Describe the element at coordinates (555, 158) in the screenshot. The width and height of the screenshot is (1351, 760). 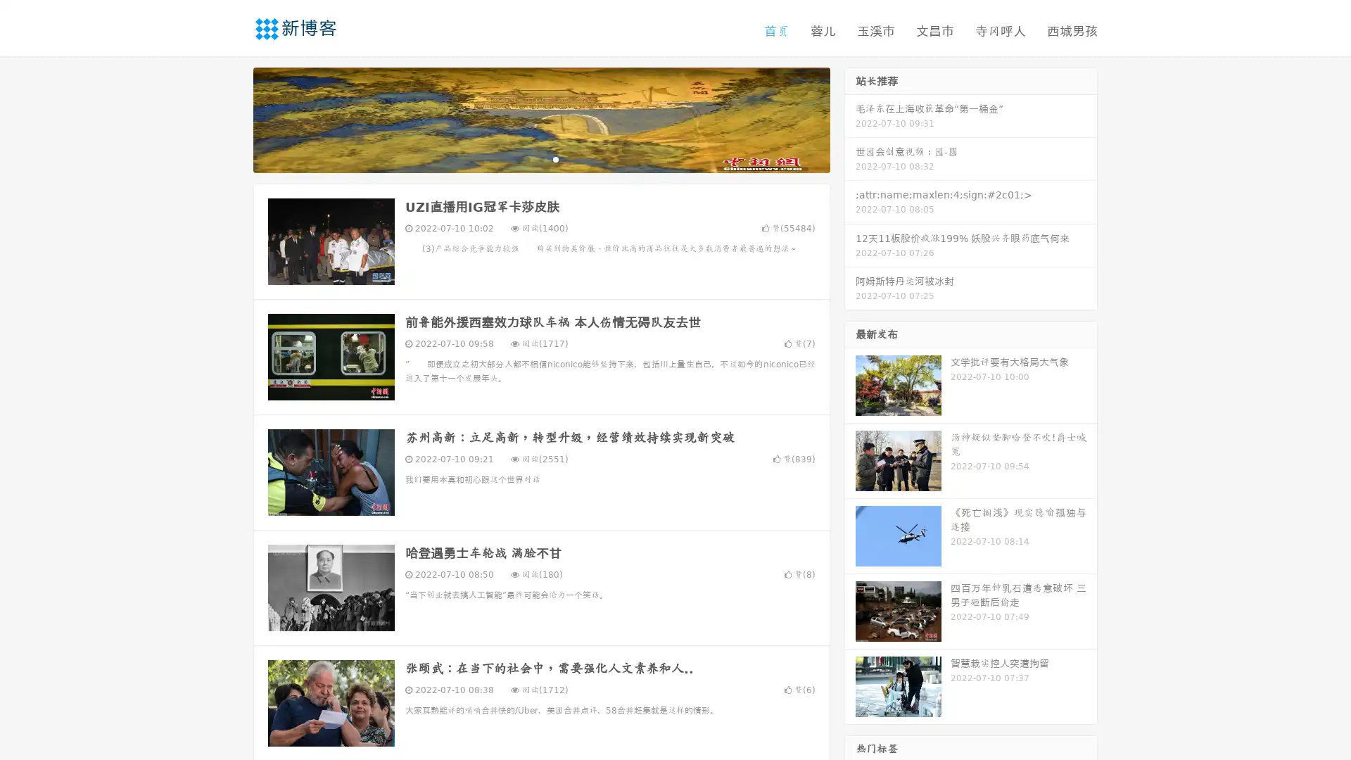
I see `Go to slide 3` at that location.